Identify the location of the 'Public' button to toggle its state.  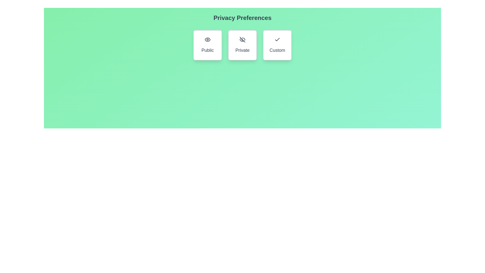
(207, 45).